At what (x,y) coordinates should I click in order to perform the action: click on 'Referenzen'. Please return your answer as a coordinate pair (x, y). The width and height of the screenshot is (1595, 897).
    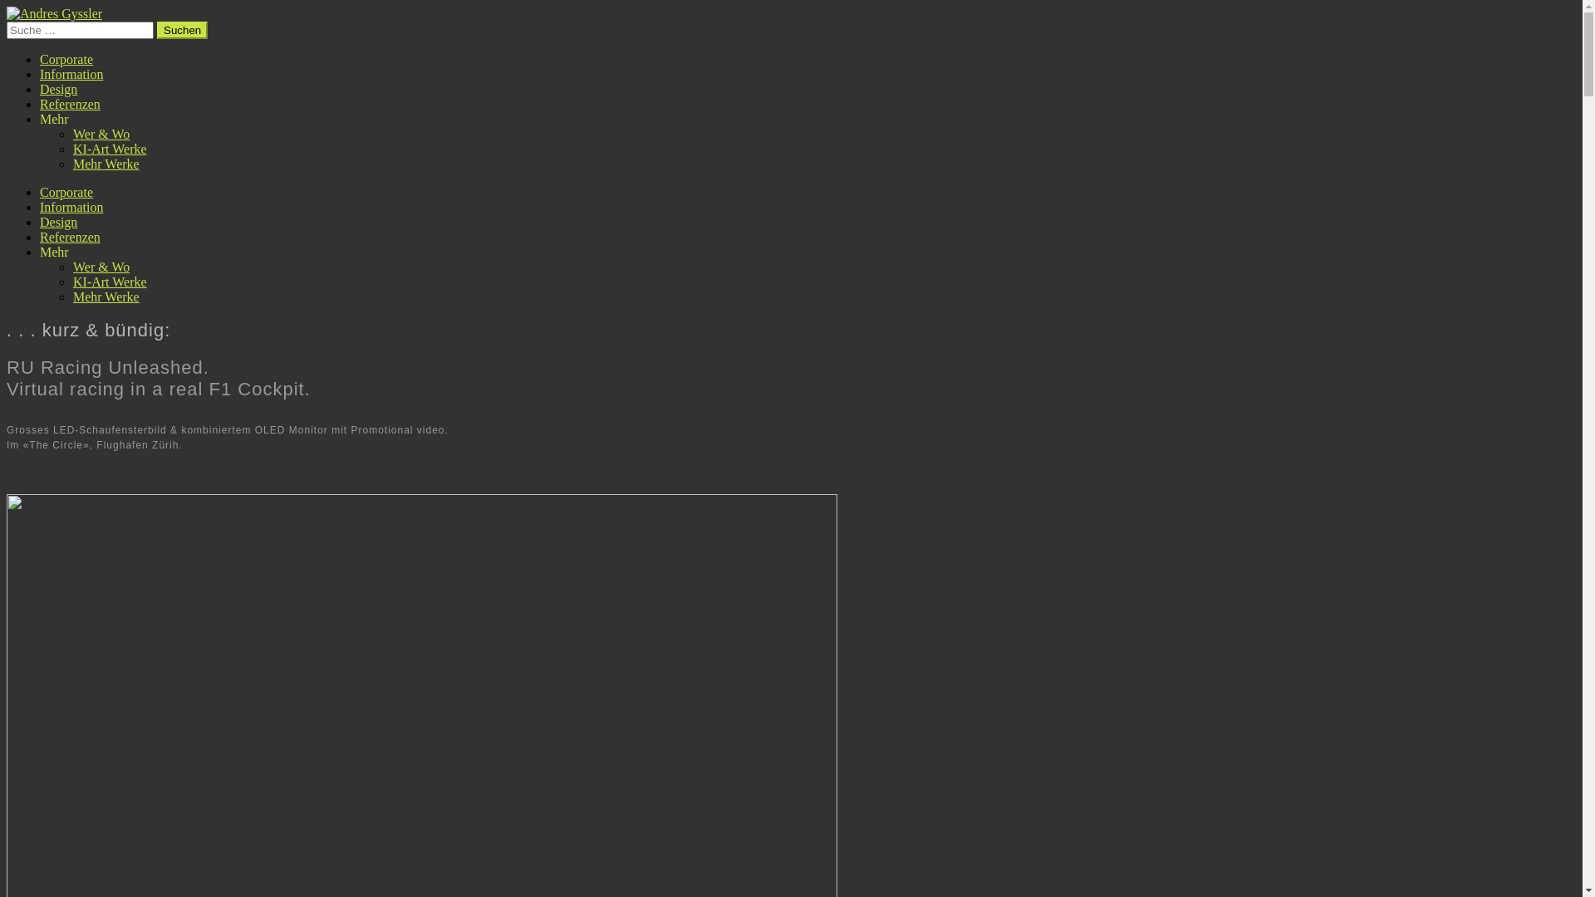
    Looking at the image, I should click on (69, 104).